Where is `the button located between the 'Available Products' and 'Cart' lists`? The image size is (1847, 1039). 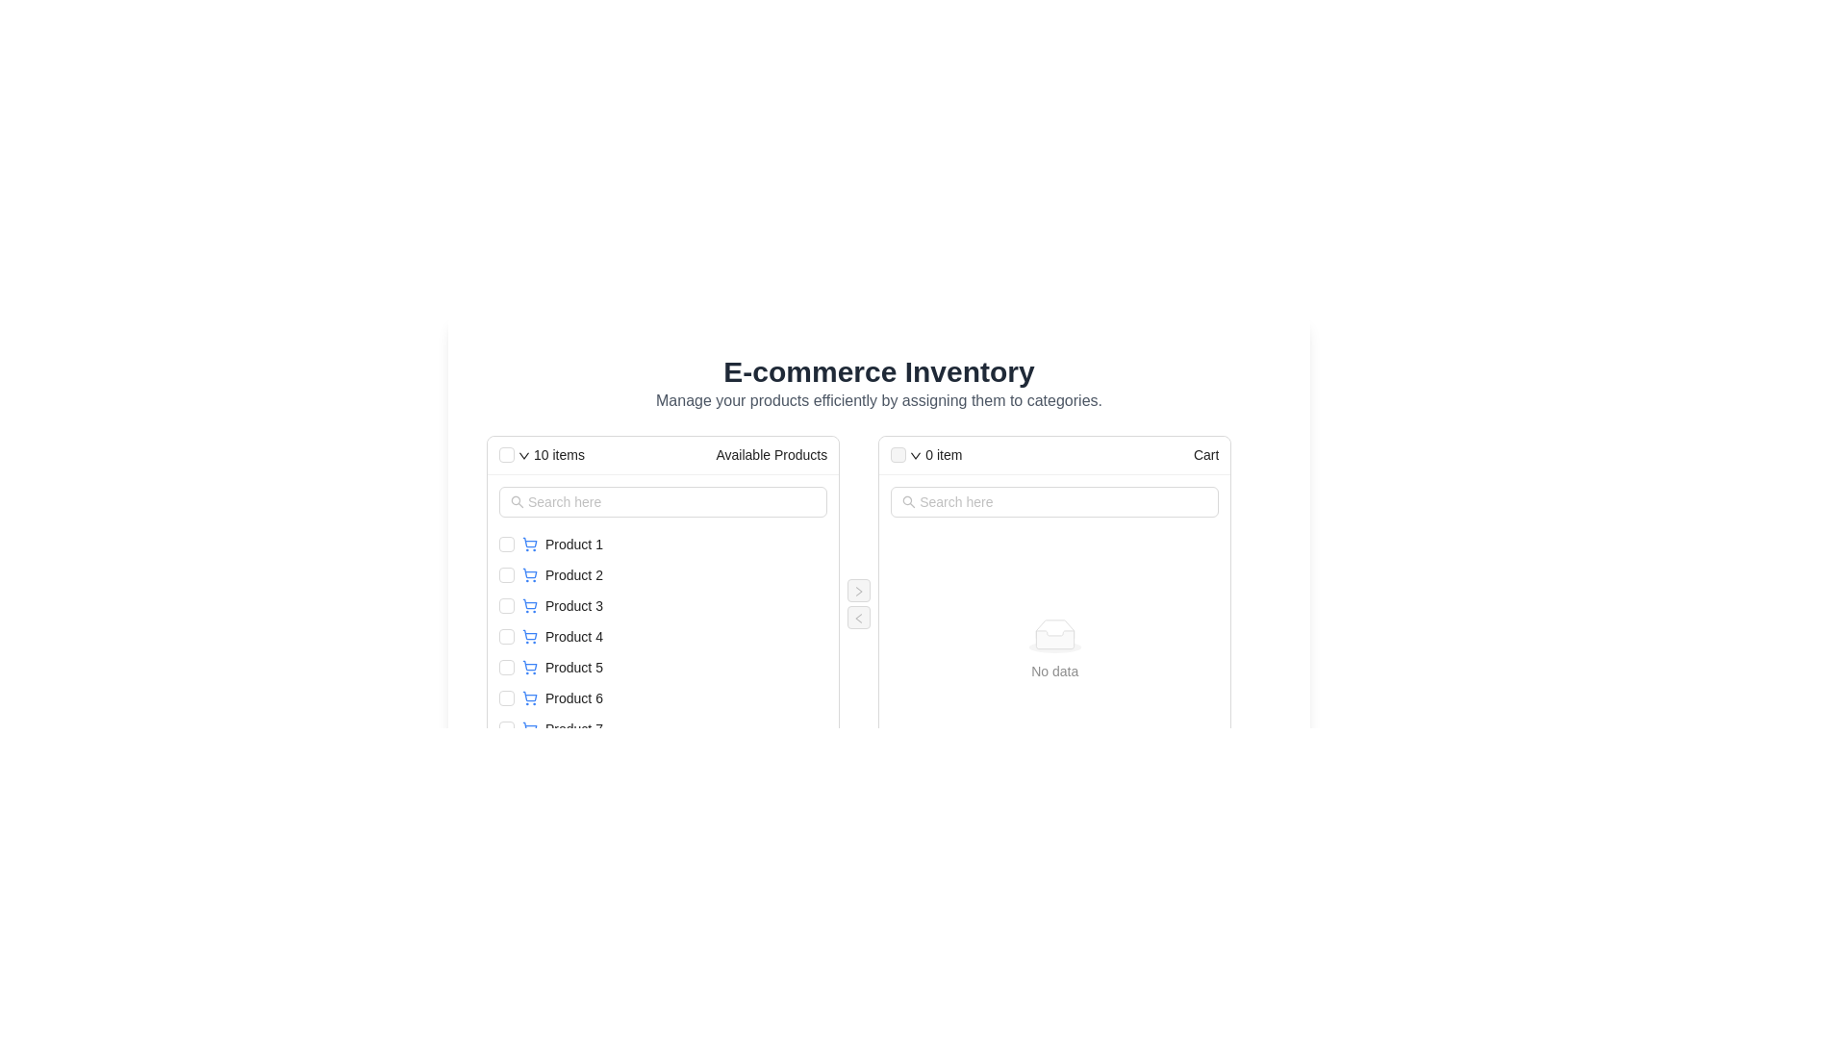 the button located between the 'Available Products' and 'Cart' lists is located at coordinates (858, 589).